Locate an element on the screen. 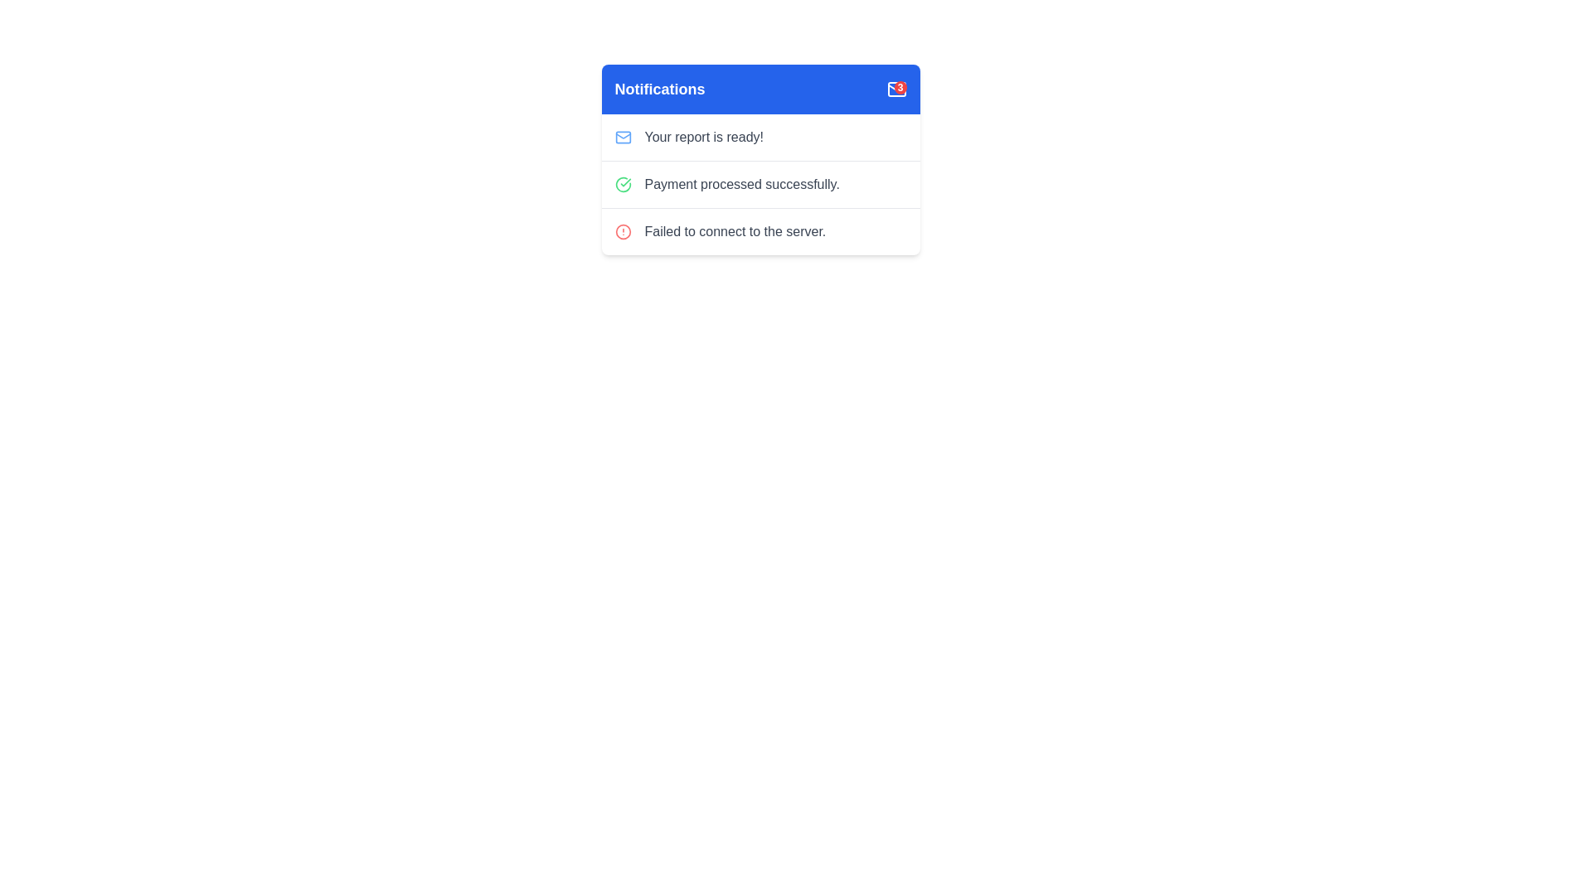  error message displayed in the text label that says 'Failed to connect to the server.' is located at coordinates (734, 232).